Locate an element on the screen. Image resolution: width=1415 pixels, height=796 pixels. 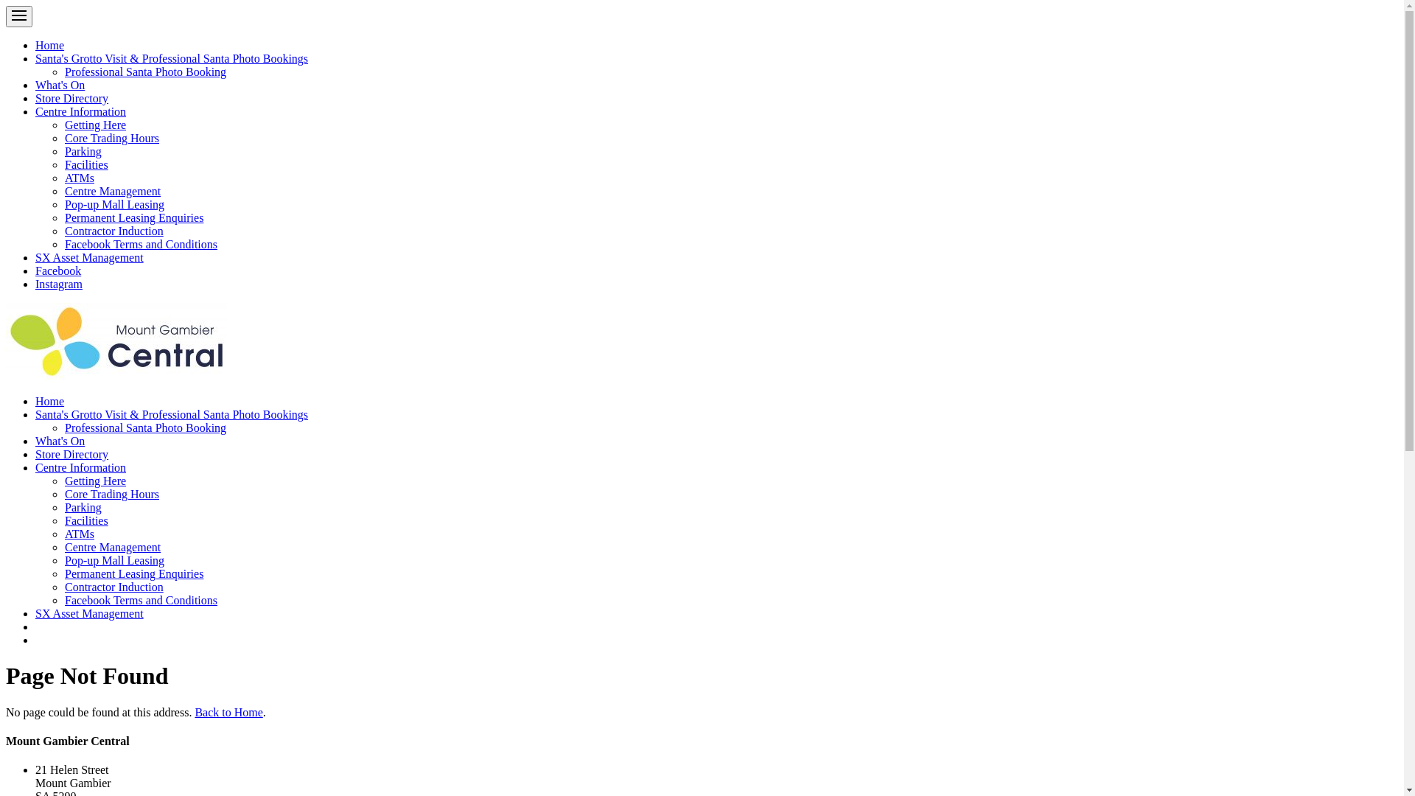
'Centre Information' is located at coordinates (35, 111).